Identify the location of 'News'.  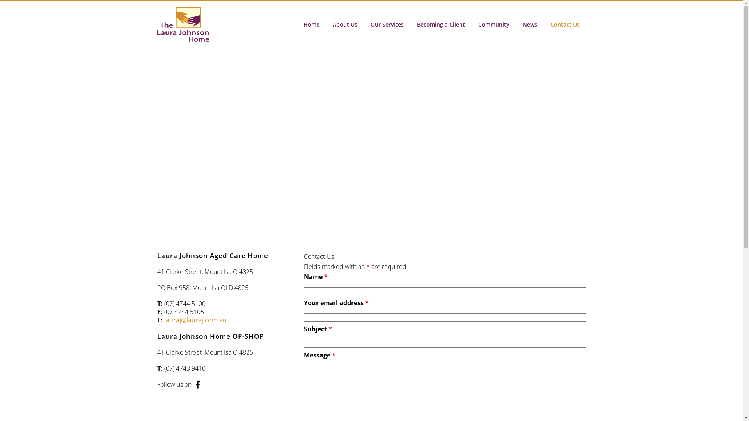
(515, 24).